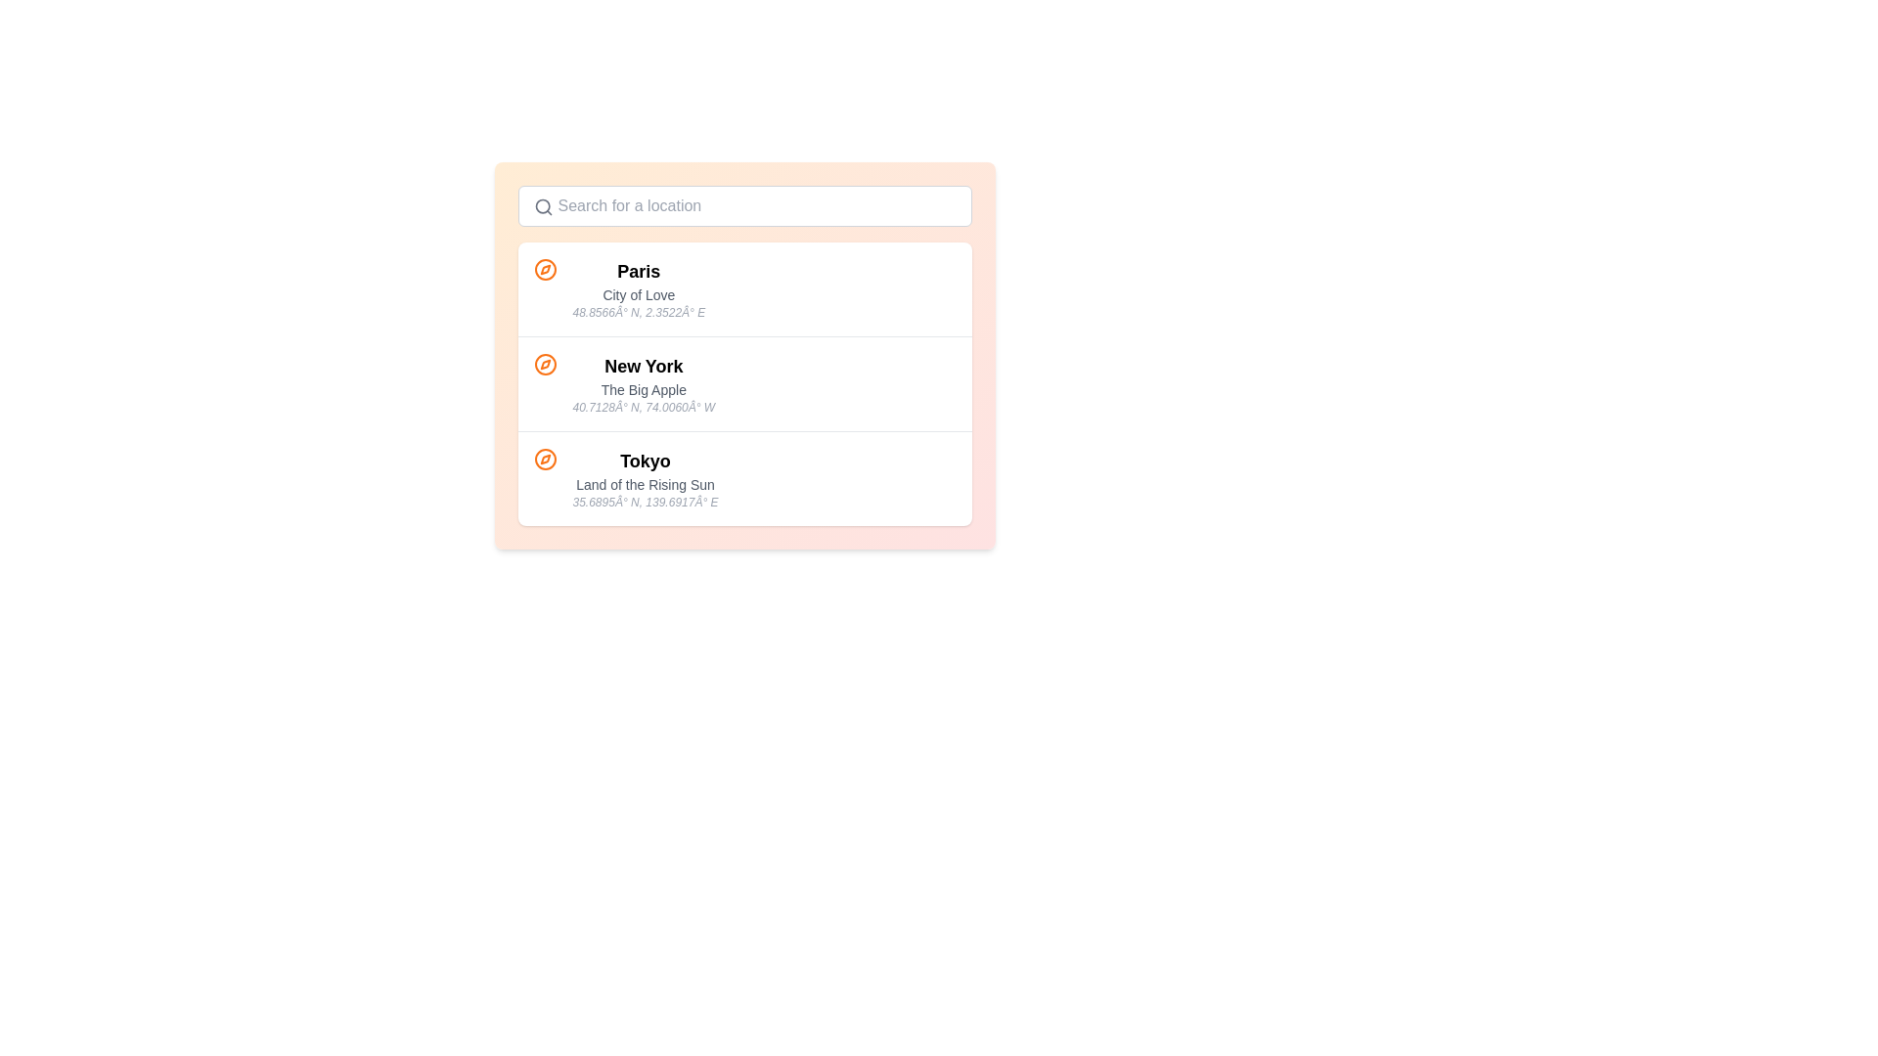 Image resolution: width=1878 pixels, height=1056 pixels. Describe the element at coordinates (545, 270) in the screenshot. I see `the decorative compass icon represented by the SVG Circle associated with the 'Paris' location entry` at that location.